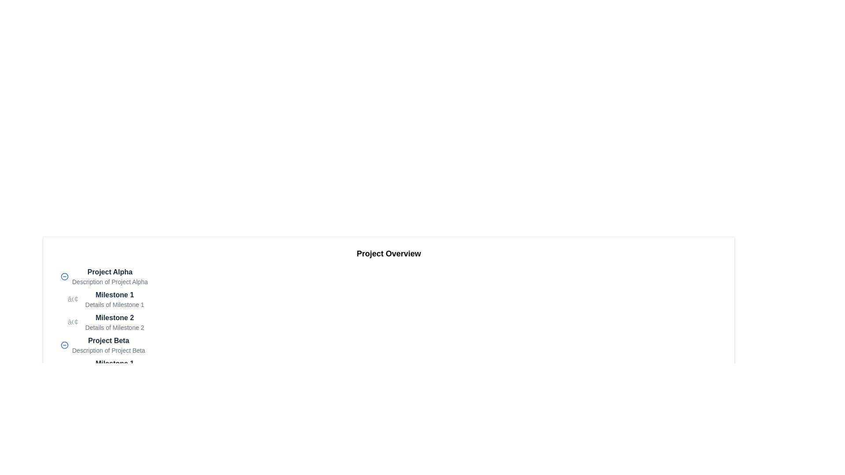  I want to click on the button on the far left side of the 'Project Alpha' section to minimize or collapse the project details, so click(64, 276).